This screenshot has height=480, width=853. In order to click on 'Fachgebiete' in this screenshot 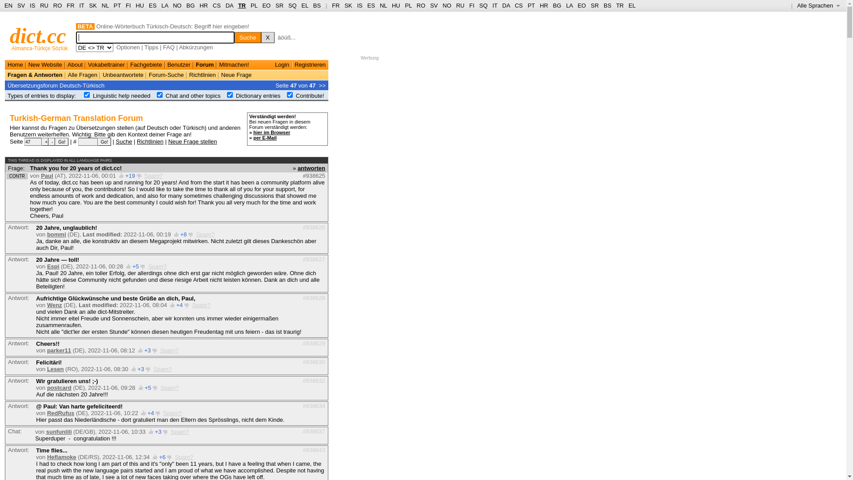, I will do `click(146, 64)`.